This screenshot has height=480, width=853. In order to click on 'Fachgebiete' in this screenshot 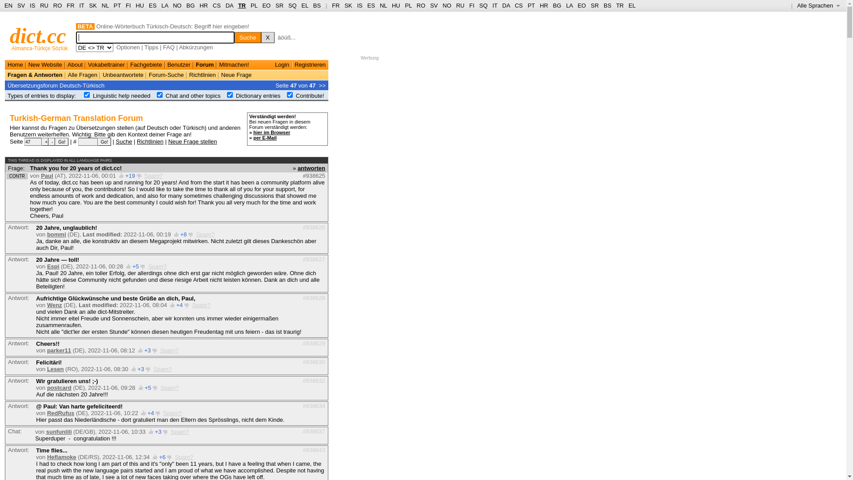, I will do `click(146, 64)`.